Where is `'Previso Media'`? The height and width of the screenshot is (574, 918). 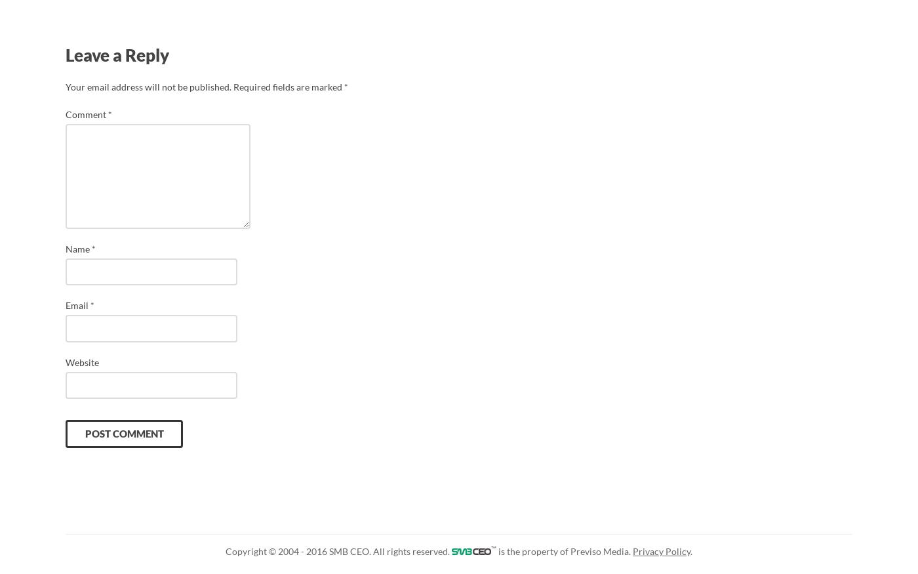 'Previso Media' is located at coordinates (569, 551).